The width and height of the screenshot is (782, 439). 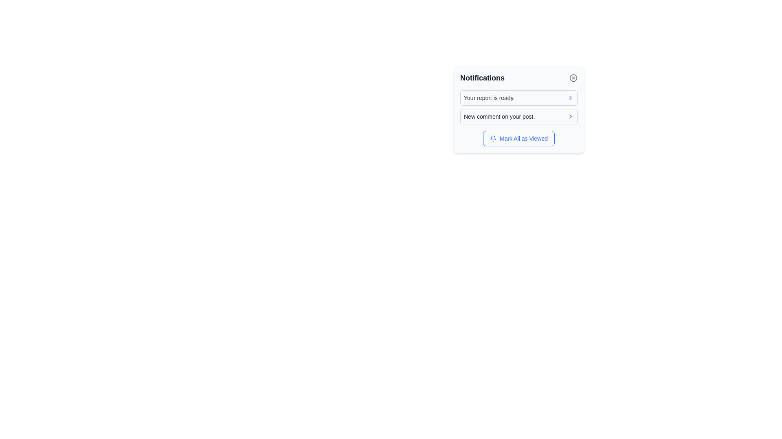 What do you see at coordinates (518, 116) in the screenshot?
I see `the notification item with the text 'New comment on your post.' that has a light-gray background and a small blue arrow icon, which is the second item in the notifications list` at bounding box center [518, 116].